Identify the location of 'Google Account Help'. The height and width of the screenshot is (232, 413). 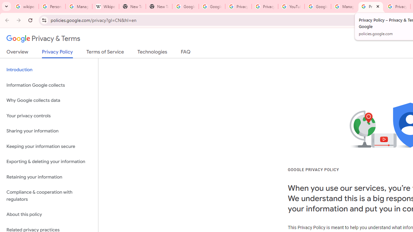
(317, 6).